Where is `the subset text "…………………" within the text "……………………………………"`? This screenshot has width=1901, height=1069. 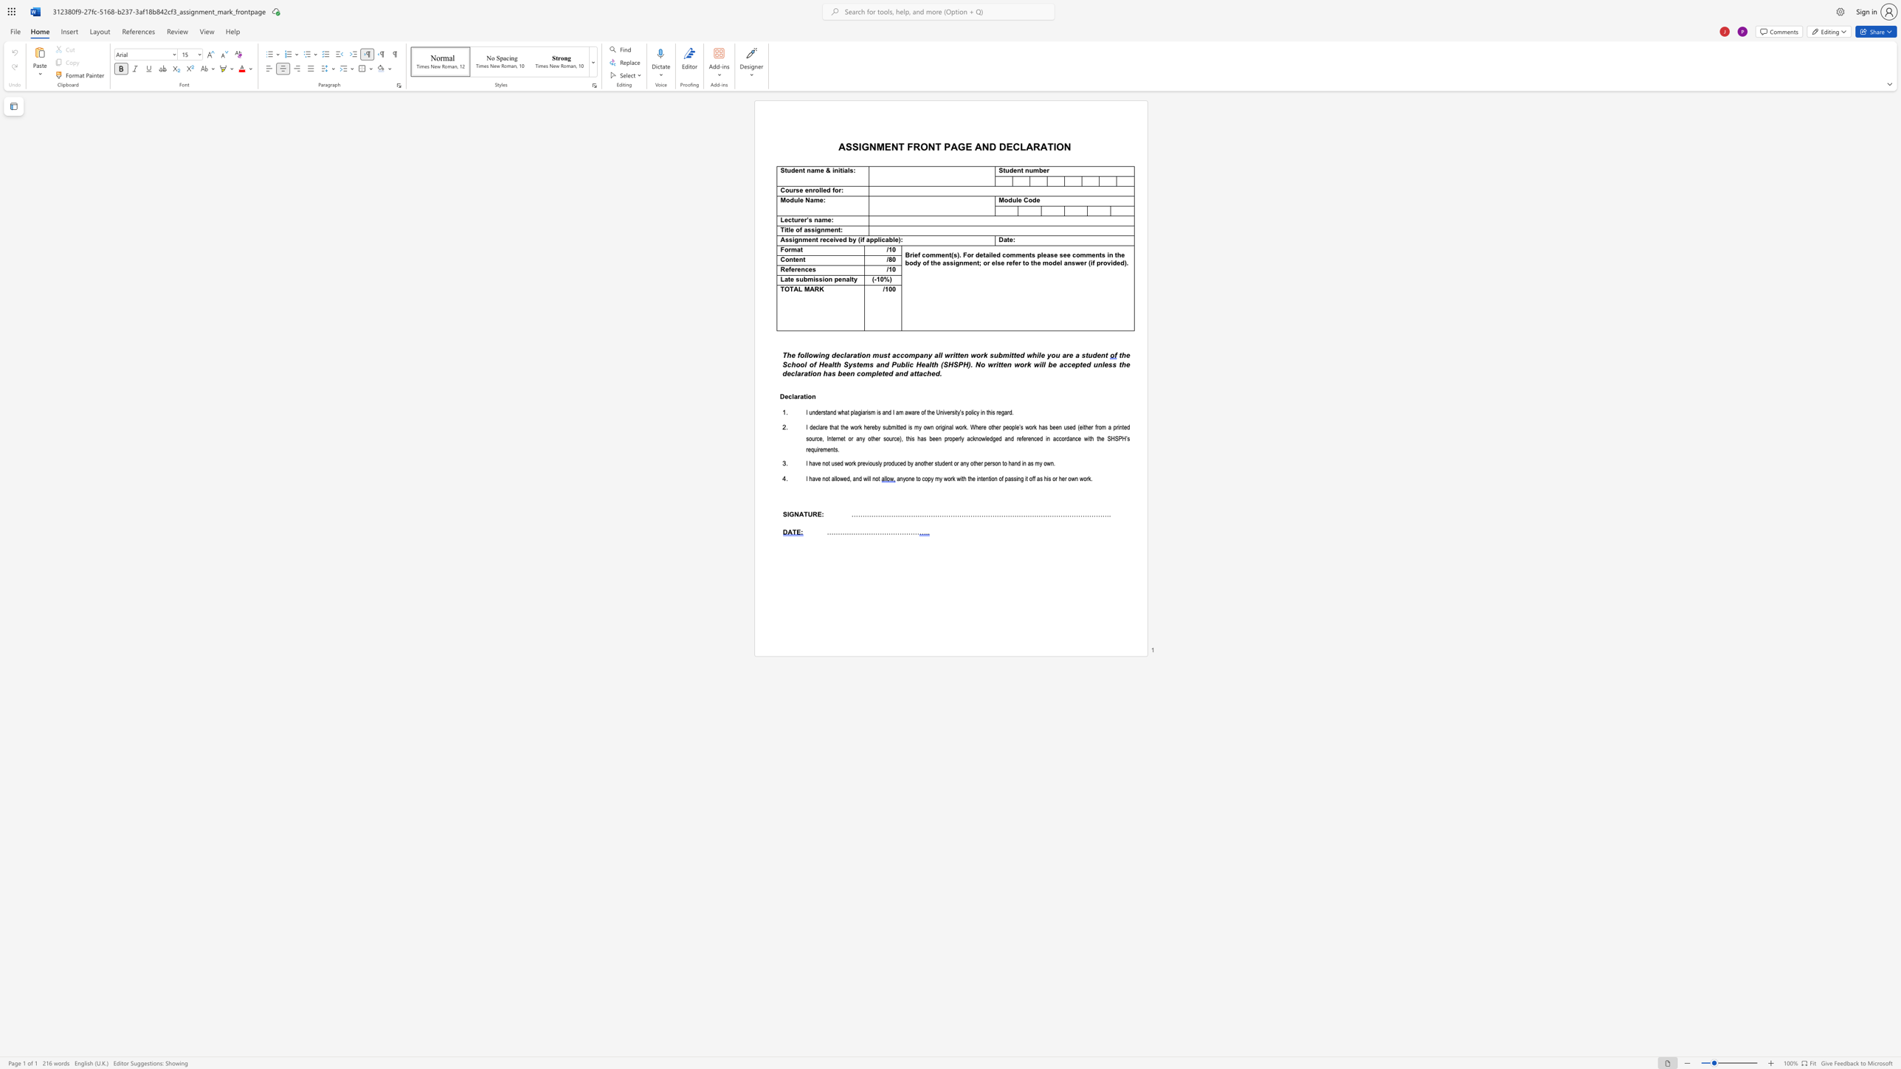 the subset text "…………………" within the text "……………………………………" is located at coordinates (859, 531).